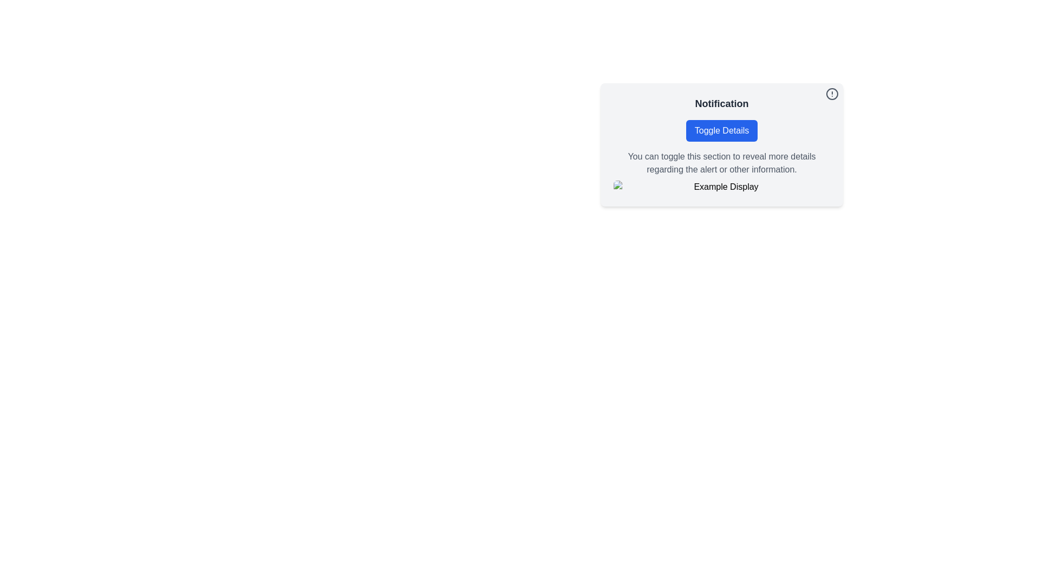 This screenshot has width=1039, height=584. Describe the element at coordinates (831, 93) in the screenshot. I see `the circular shape in the top-right corner of the notification card interface, which is part of an SVG graphic representing an alert icon` at that location.